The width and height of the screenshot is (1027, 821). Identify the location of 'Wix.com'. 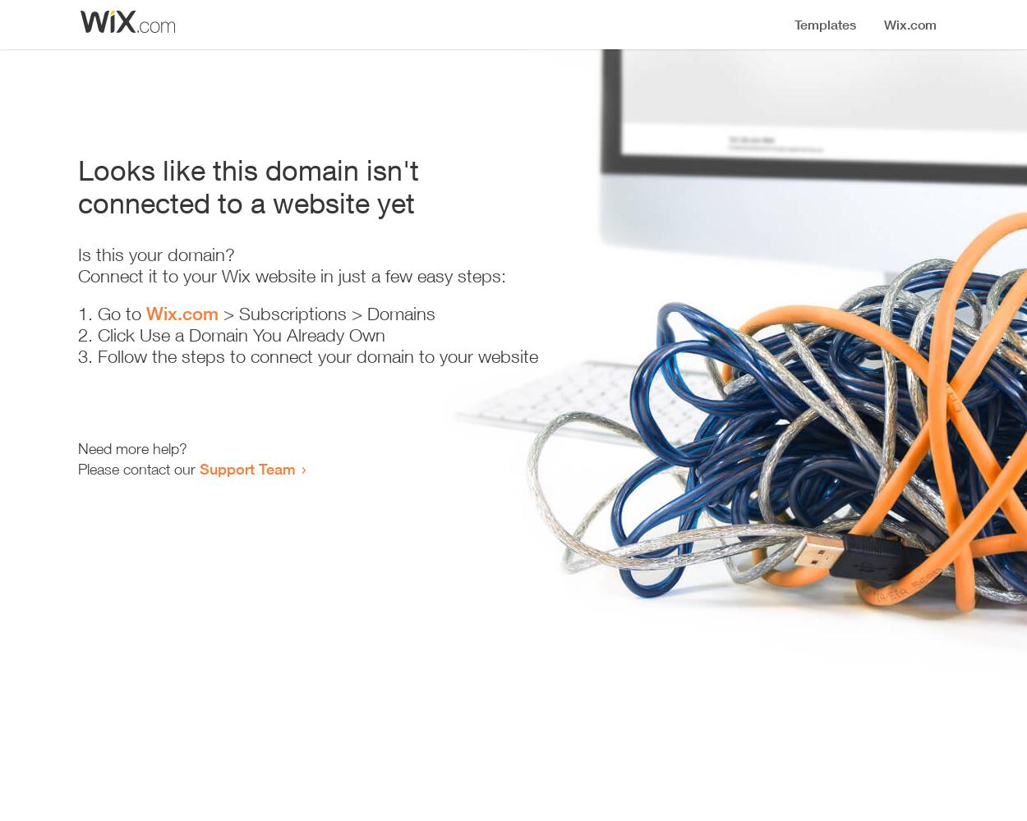
(182, 314).